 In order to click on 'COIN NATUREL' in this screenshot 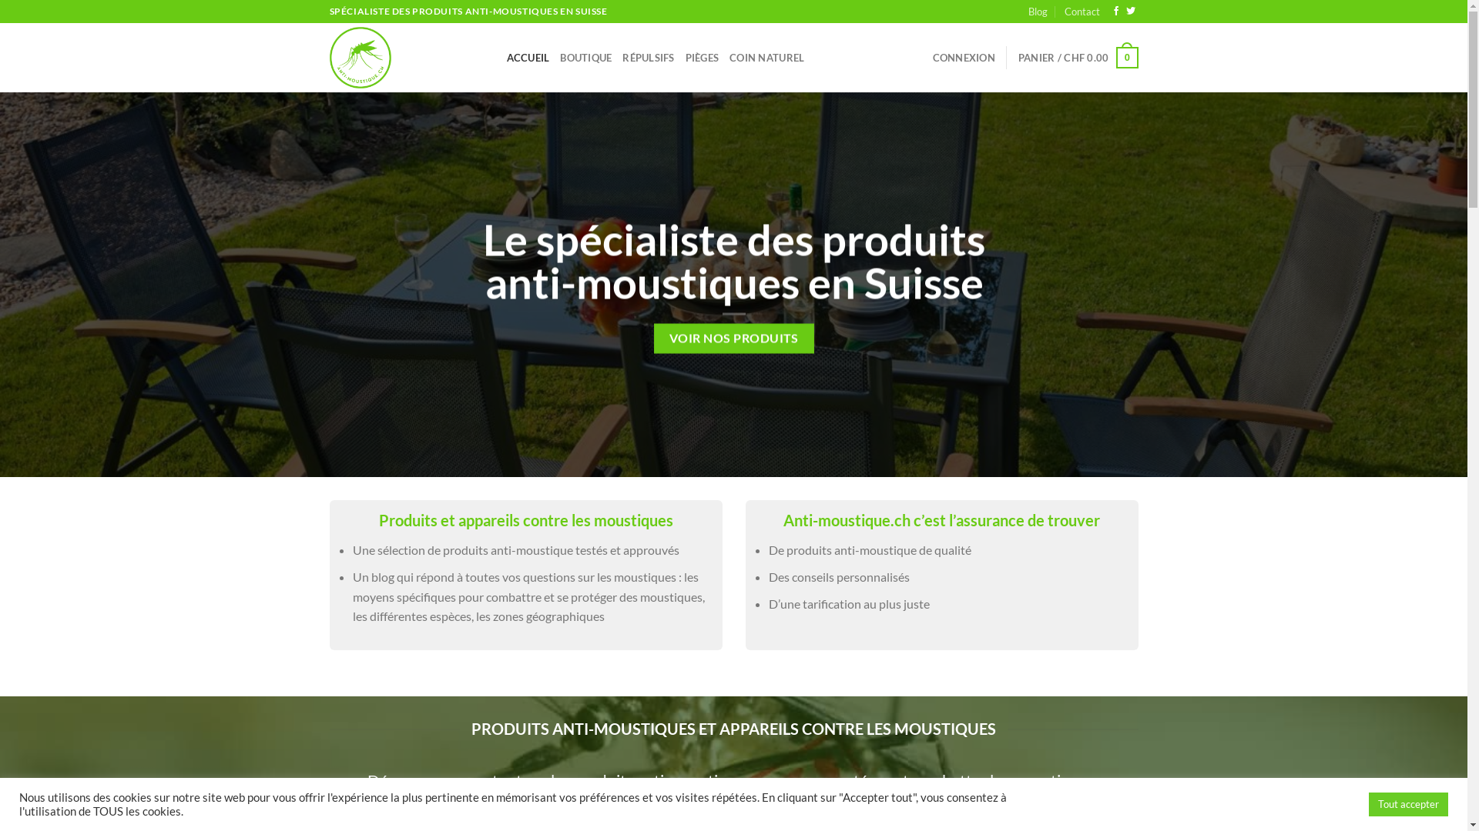, I will do `click(766, 56)`.